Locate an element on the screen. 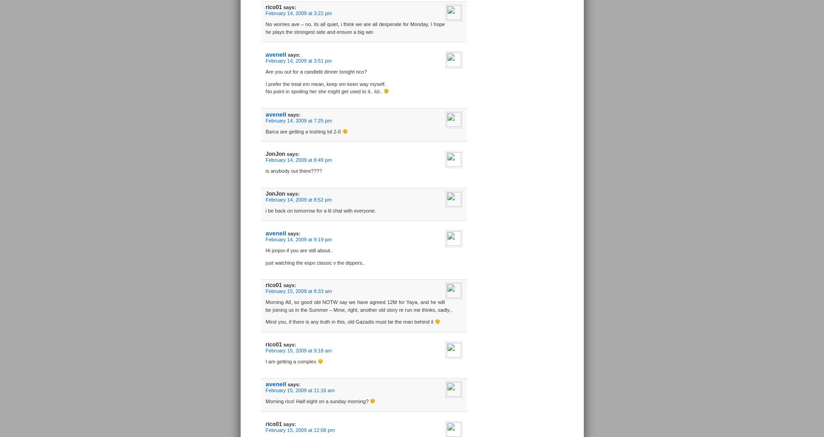 This screenshot has width=824, height=437. 'I prefer the treat em mean, keep em keen way myself.' is located at coordinates (325, 83).